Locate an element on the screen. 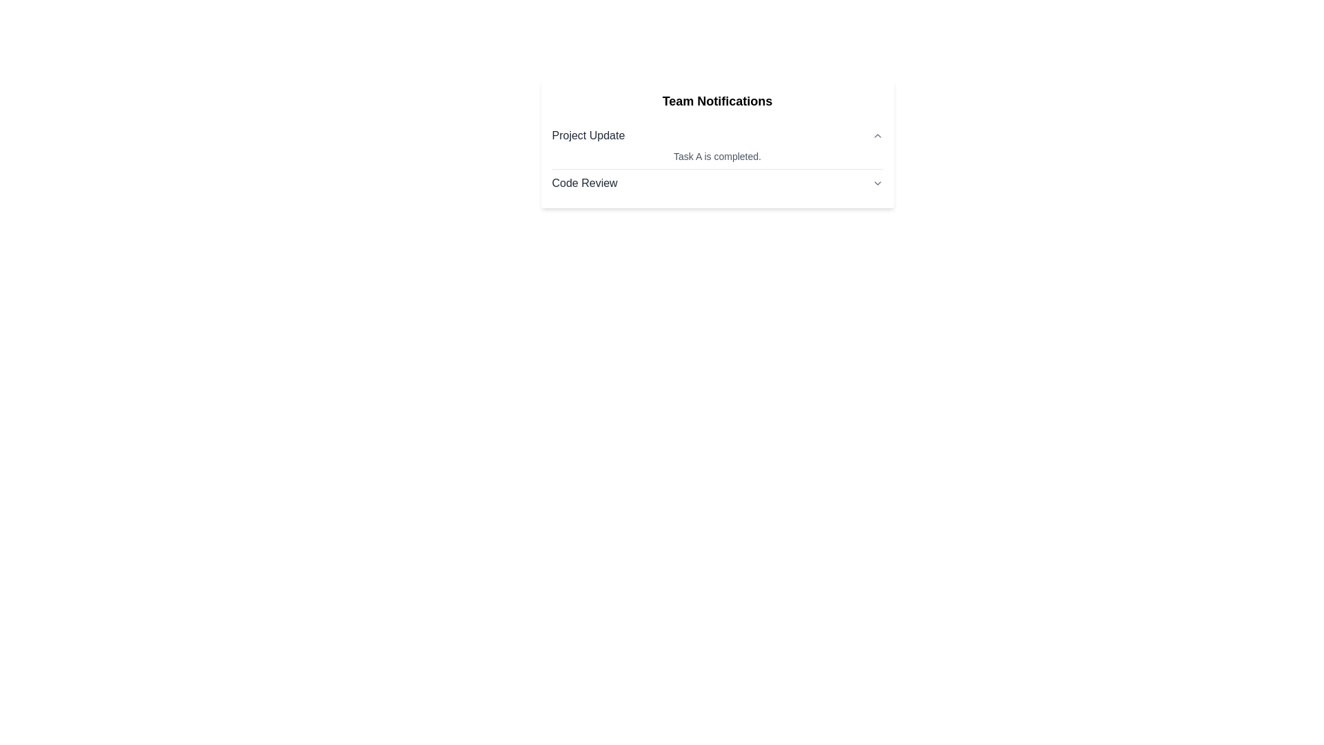  the 'Code Review' label, which is styled with medium font weight and dark gray color, positioned on the left side within a notification or task section is located at coordinates (585, 183).